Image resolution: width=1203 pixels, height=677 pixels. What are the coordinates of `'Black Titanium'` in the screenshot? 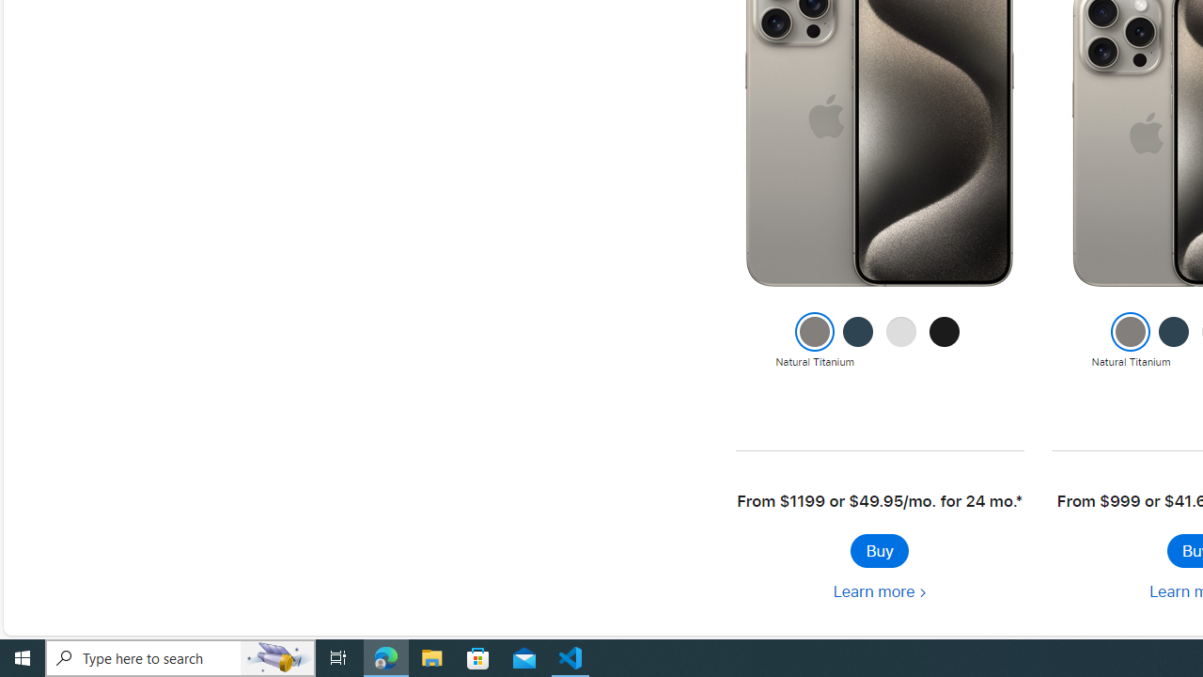 It's located at (945, 341).